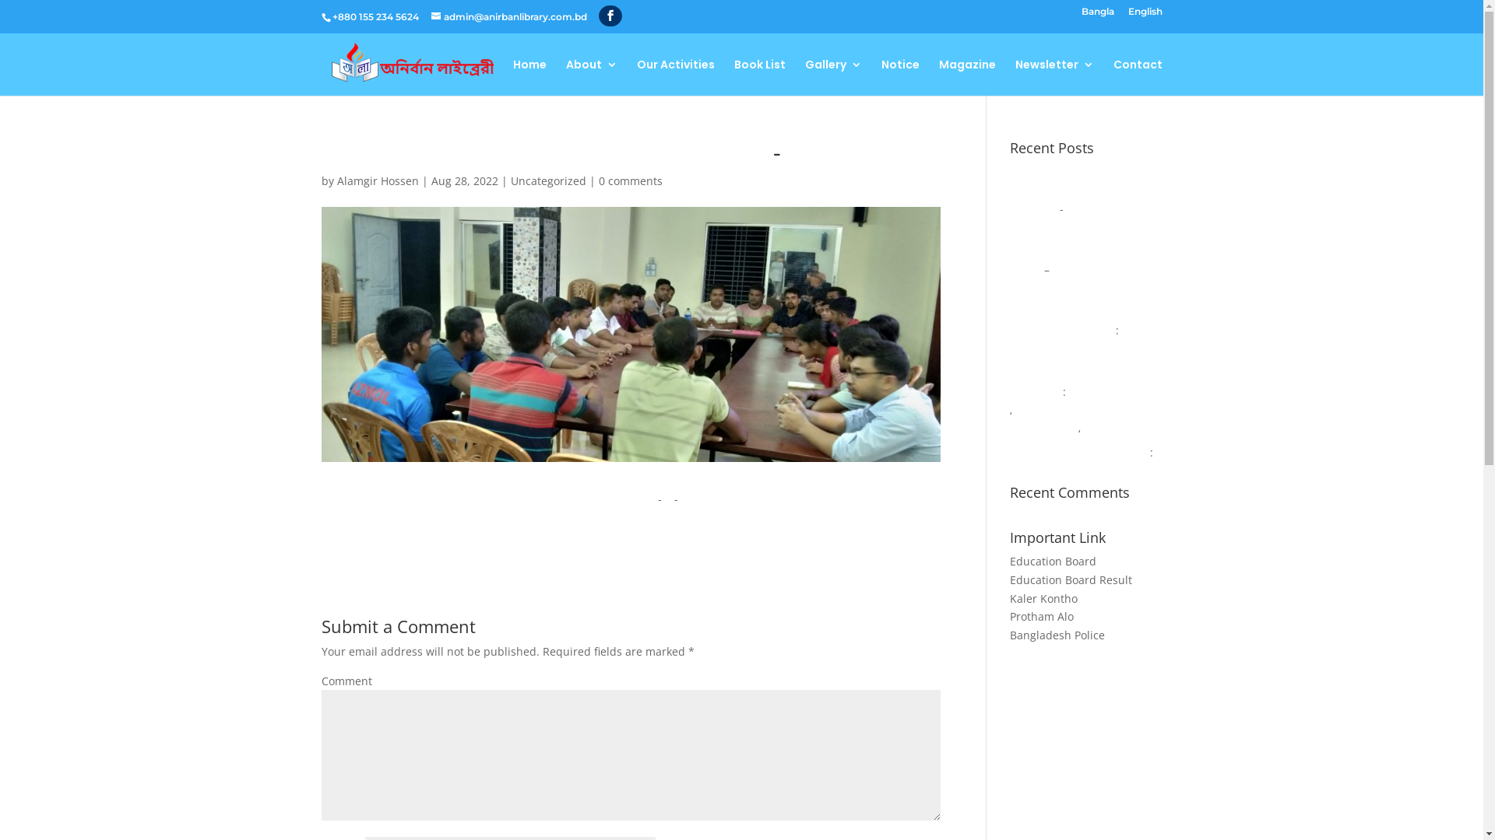 The image size is (1495, 840). Describe the element at coordinates (966, 77) in the screenshot. I see `'Magazine'` at that location.